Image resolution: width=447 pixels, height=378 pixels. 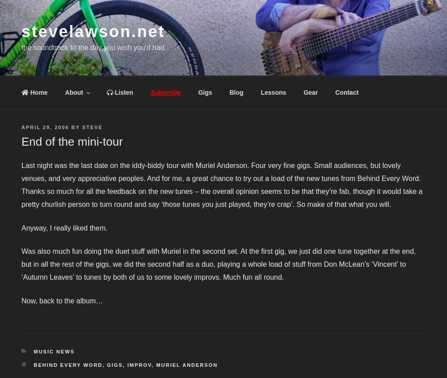 What do you see at coordinates (236, 92) in the screenshot?
I see `'Blog'` at bounding box center [236, 92].